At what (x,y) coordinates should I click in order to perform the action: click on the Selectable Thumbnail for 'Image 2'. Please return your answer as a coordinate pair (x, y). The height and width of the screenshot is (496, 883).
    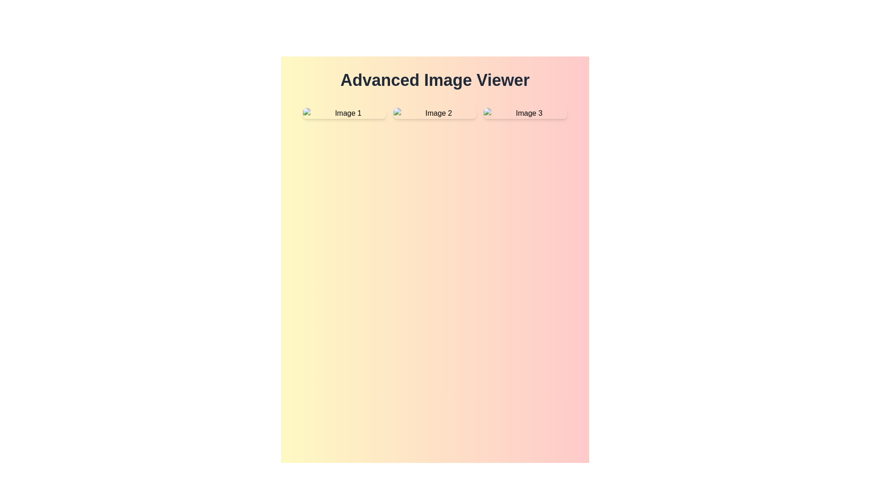
    Looking at the image, I should click on (434, 113).